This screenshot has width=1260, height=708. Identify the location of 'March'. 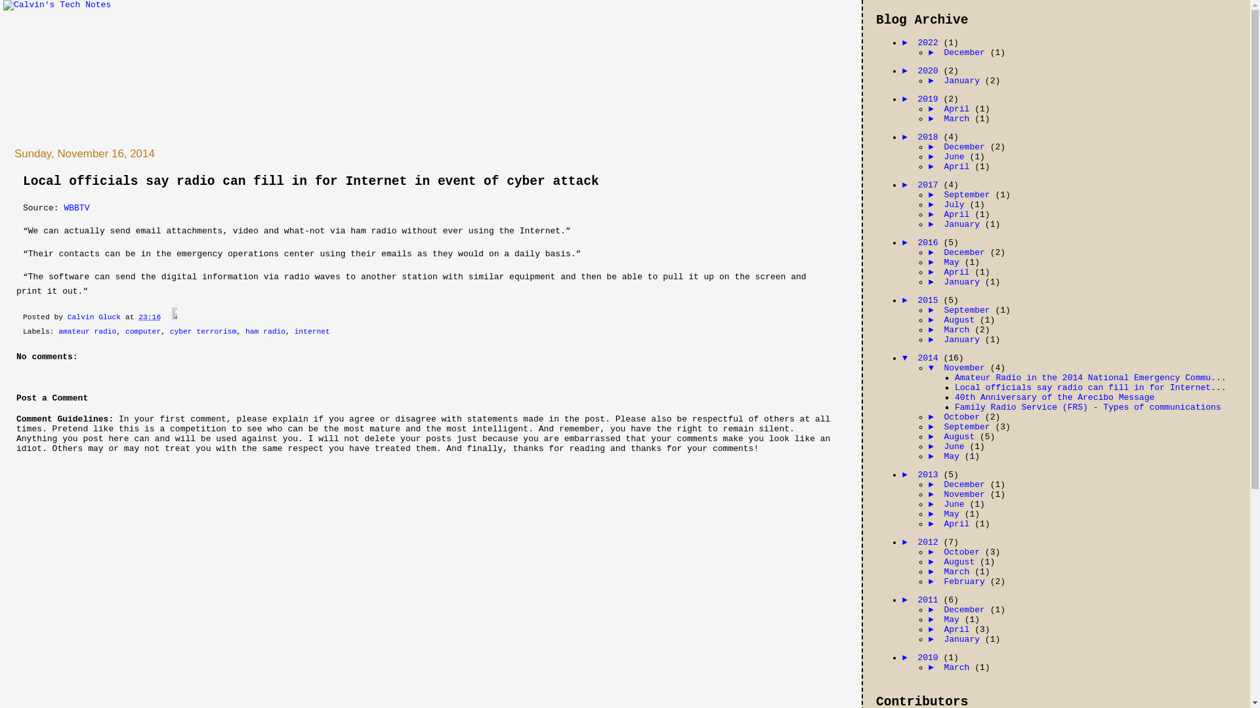
(959, 329).